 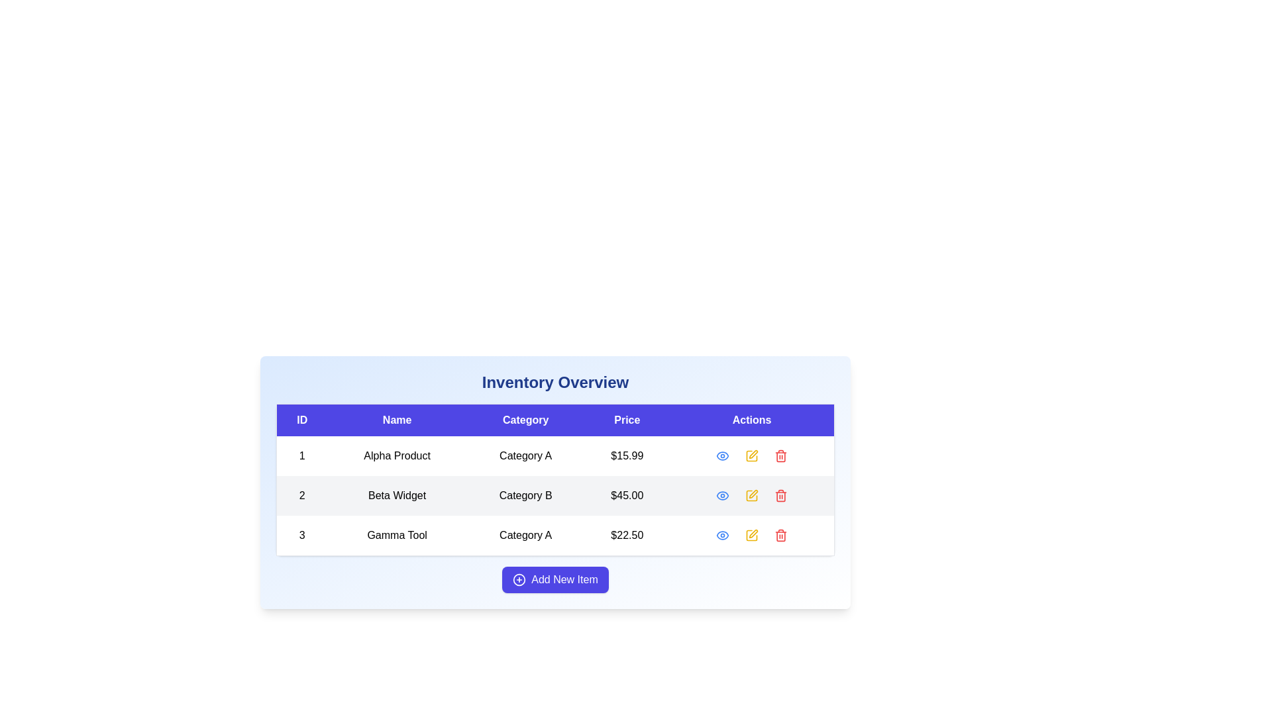 What do you see at coordinates (525, 420) in the screenshot?
I see `the 'Category' table header label, which is the third header in the table with a purple background and white text` at bounding box center [525, 420].